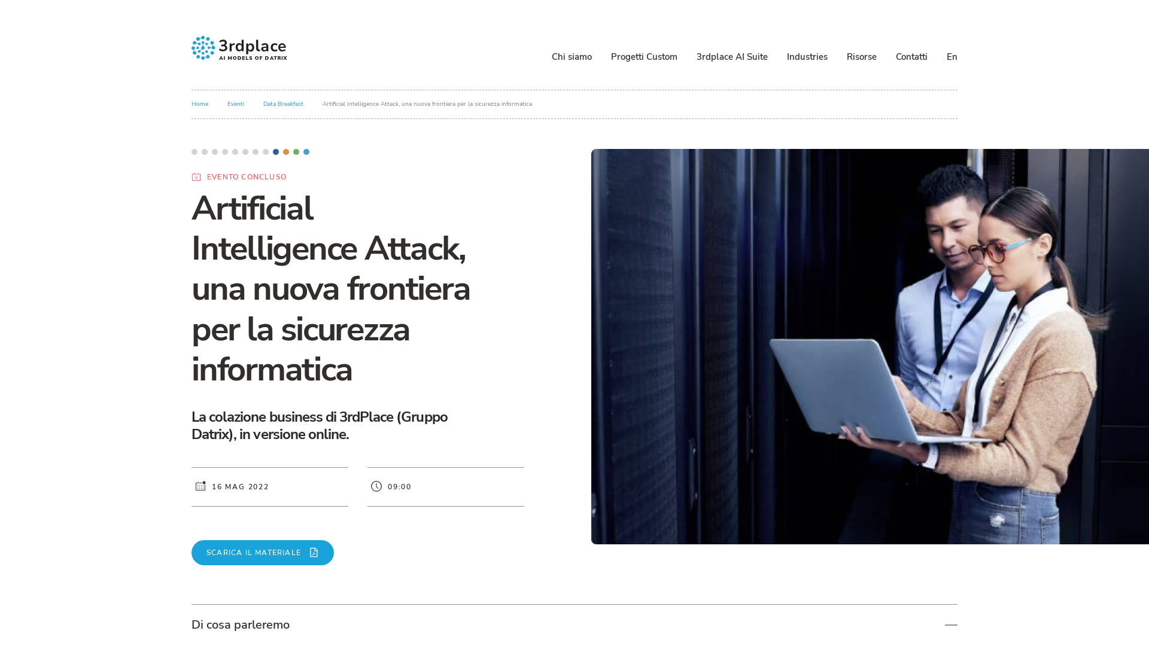 Image resolution: width=1149 pixels, height=646 pixels. I want to click on 'Chi siamo', so click(571, 57).